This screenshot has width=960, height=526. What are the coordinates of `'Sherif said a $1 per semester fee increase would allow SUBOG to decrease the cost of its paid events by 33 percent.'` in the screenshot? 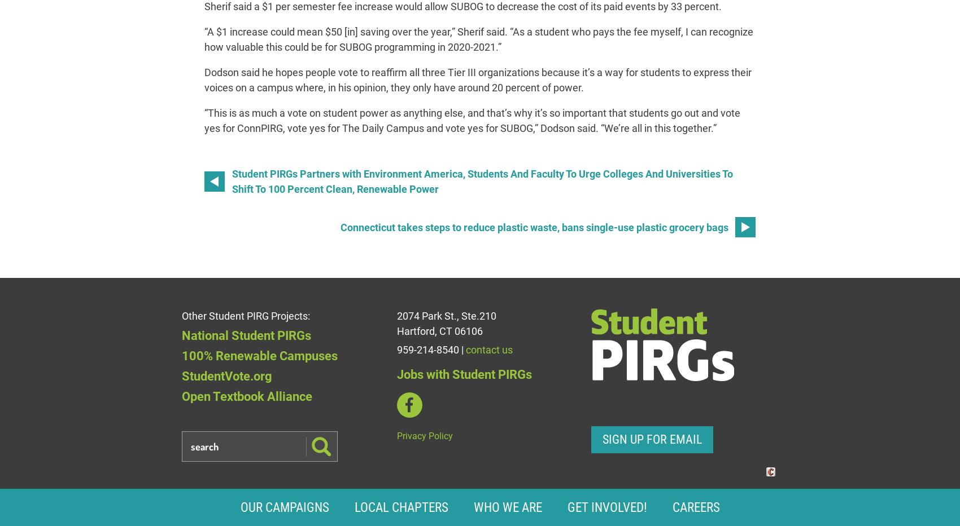 It's located at (462, 6).